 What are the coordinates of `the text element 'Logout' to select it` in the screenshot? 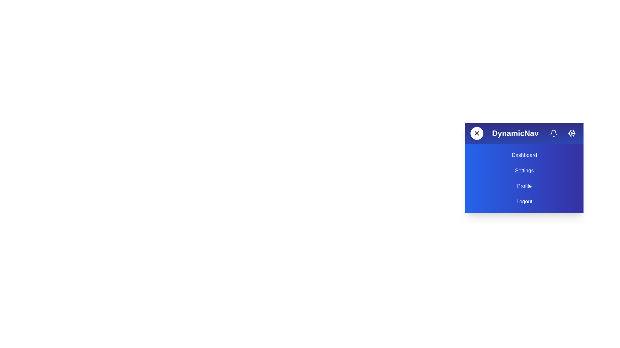 It's located at (524, 201).